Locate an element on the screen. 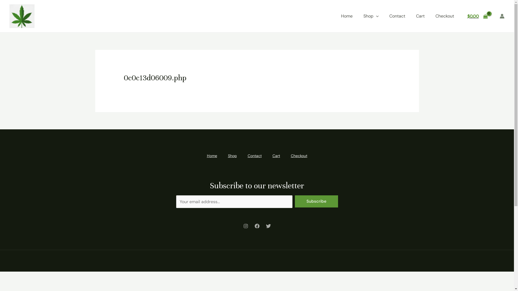  'Shop' is located at coordinates (371, 16).